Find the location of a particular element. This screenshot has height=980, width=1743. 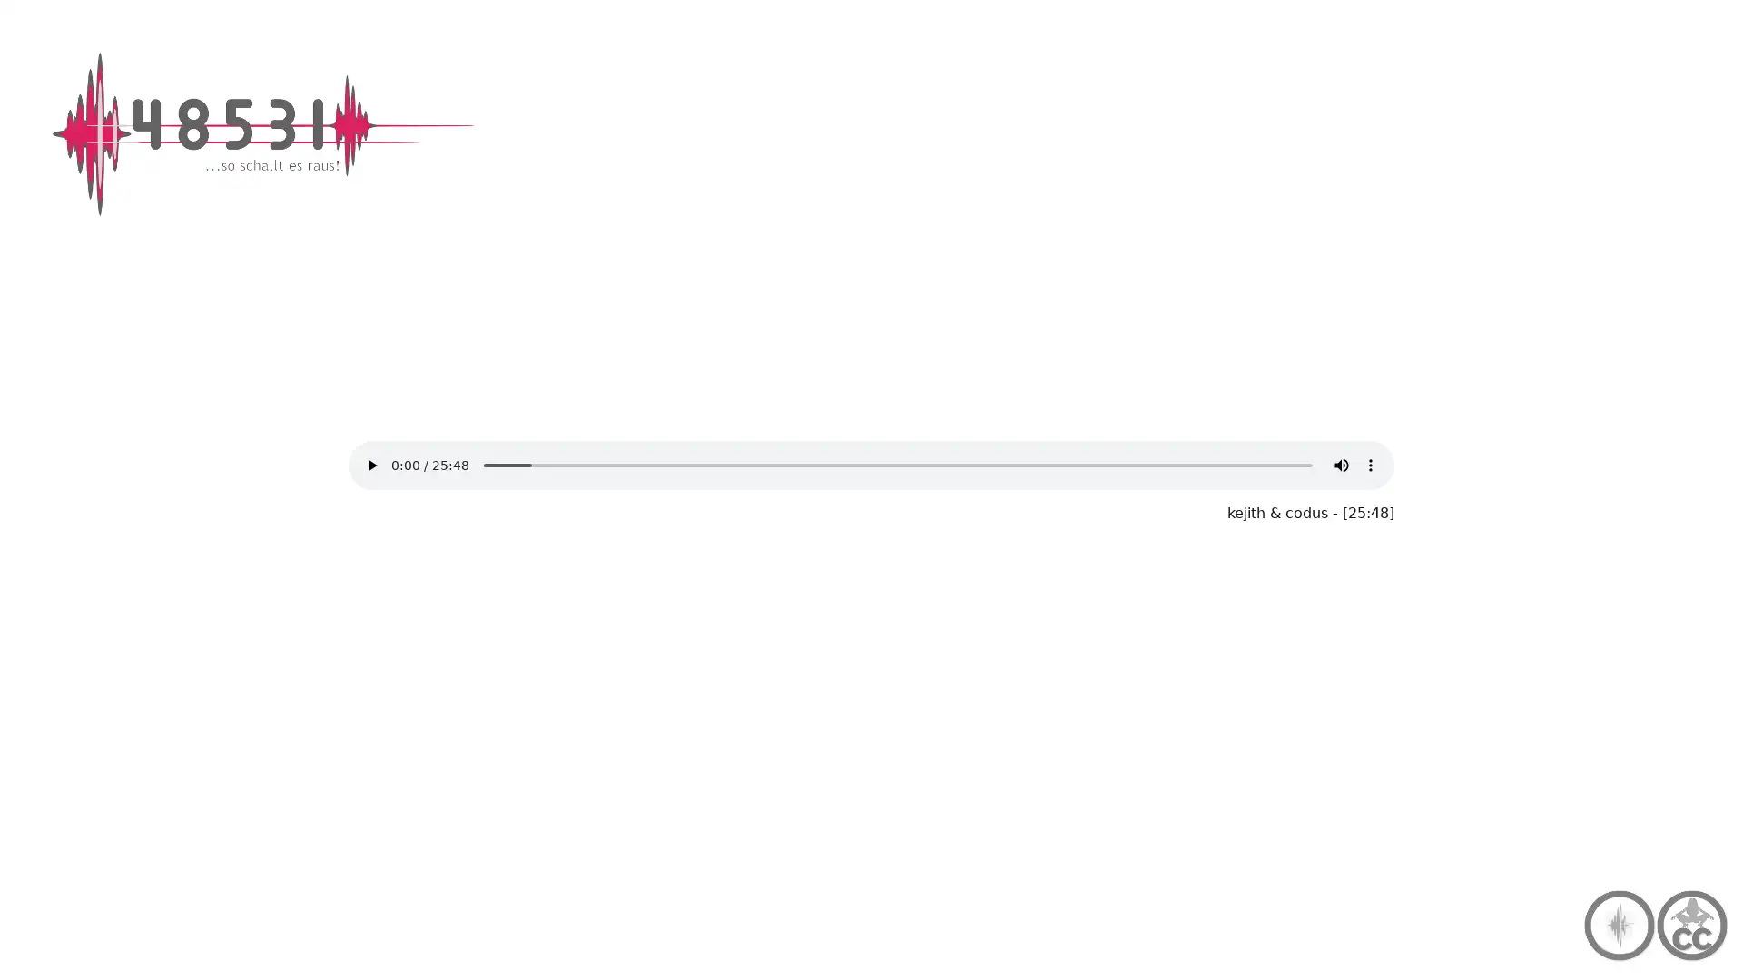

play is located at coordinates (370, 465).